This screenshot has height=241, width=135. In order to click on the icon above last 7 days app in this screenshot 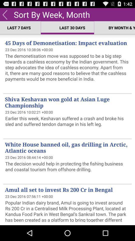, I will do `click(4, 14)`.